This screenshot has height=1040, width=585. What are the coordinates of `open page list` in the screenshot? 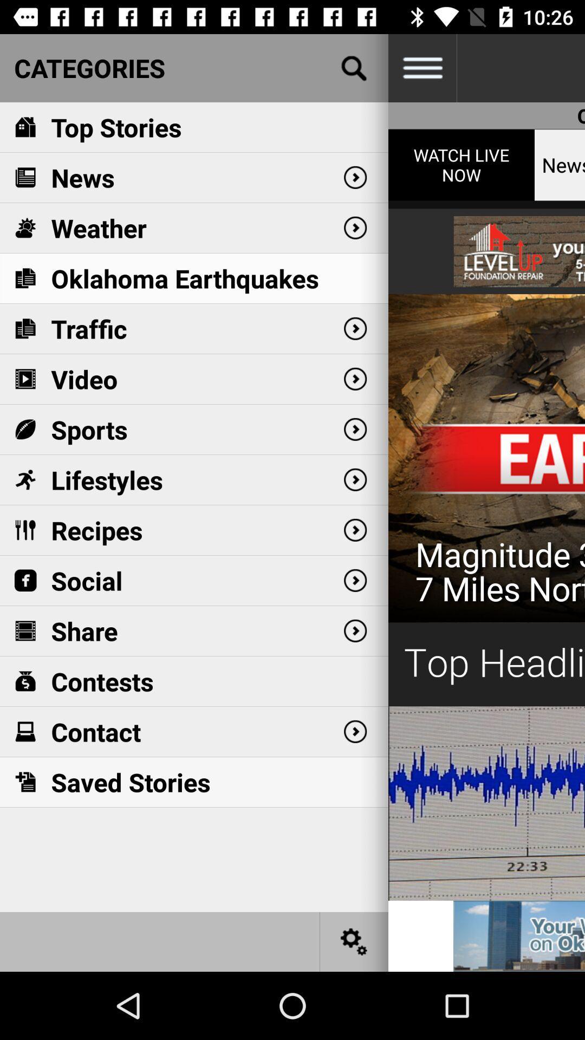 It's located at (421, 67).